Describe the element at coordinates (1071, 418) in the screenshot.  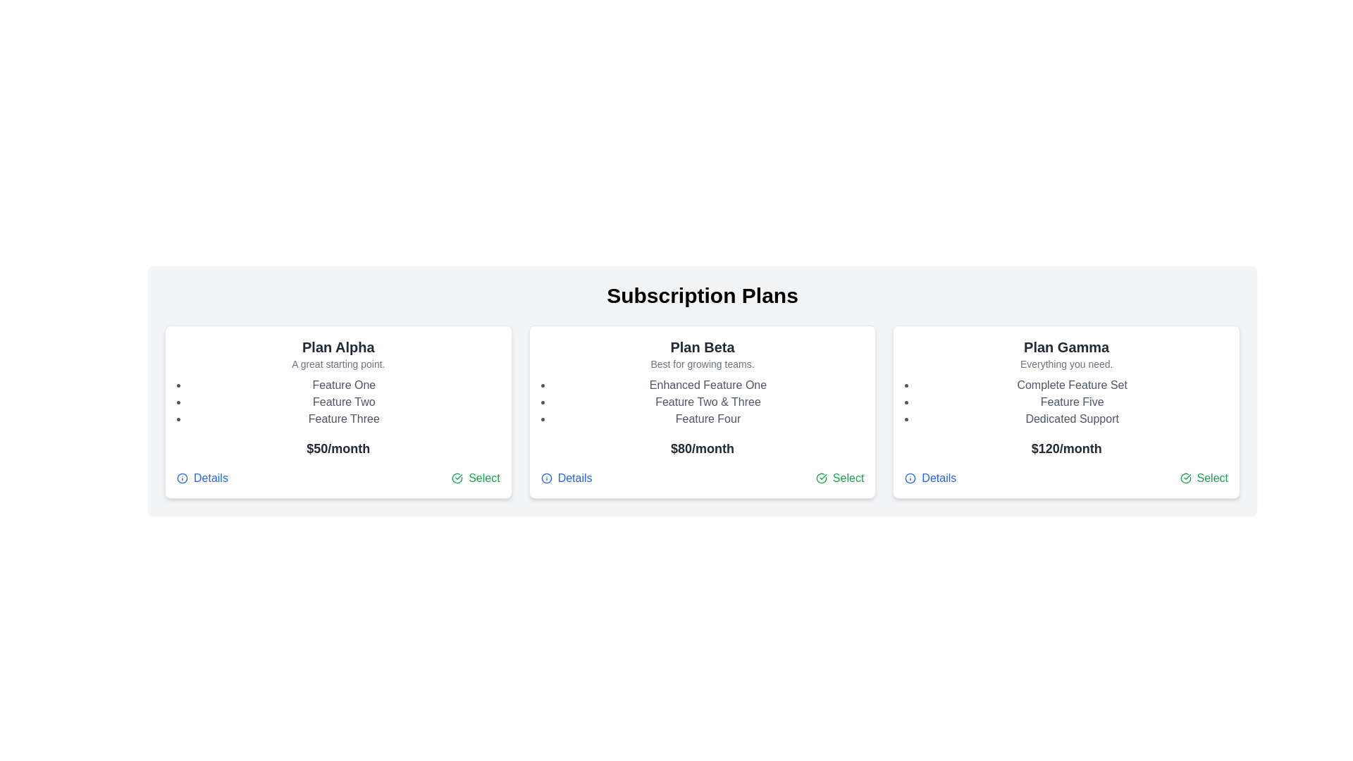
I see `the hierarchical position of the text label 'Dedicated Support', which is the third bullet point in the feature list under the 'Plan Gamma' subscription plan` at that location.